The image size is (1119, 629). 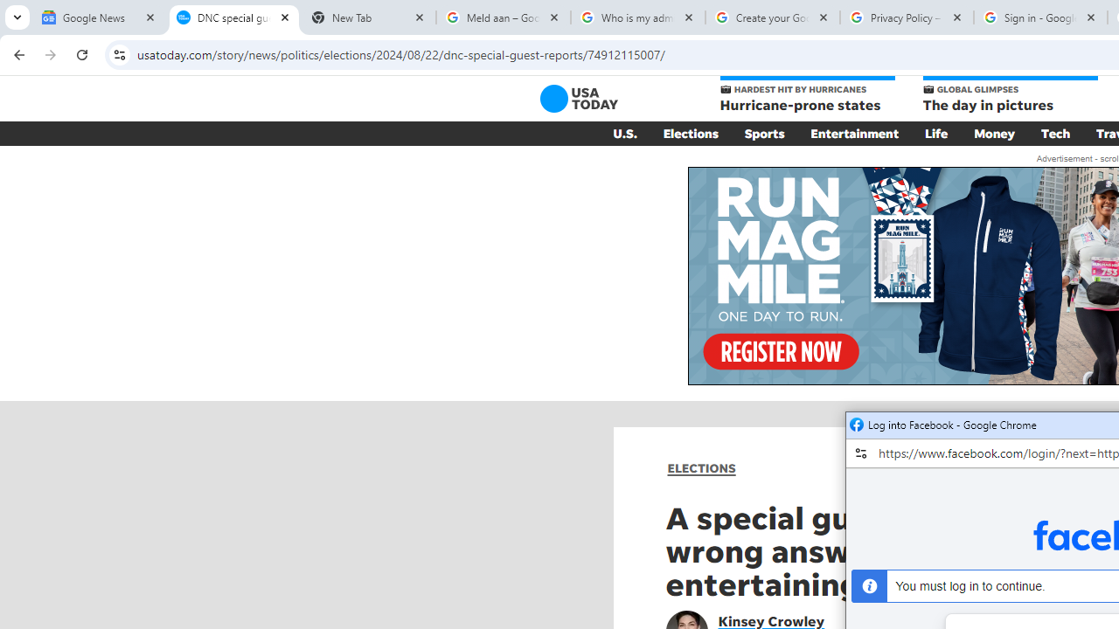 What do you see at coordinates (994, 133) in the screenshot?
I see `'Money'` at bounding box center [994, 133].